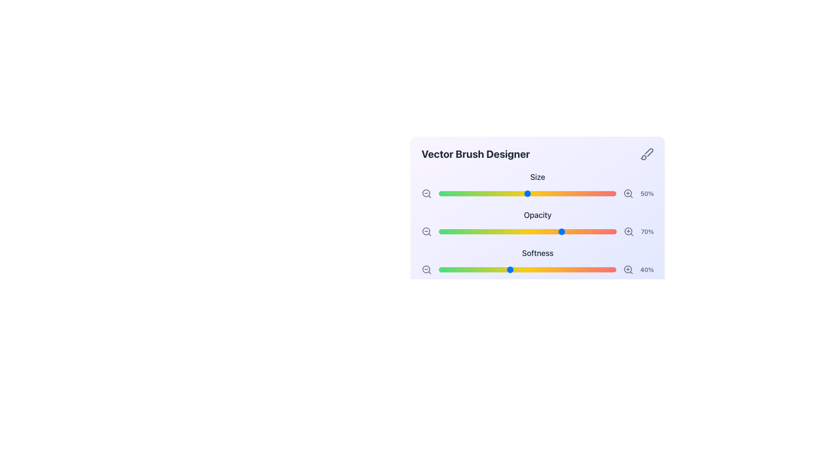 The image size is (831, 467). Describe the element at coordinates (588, 231) in the screenshot. I see `opacity` at that location.